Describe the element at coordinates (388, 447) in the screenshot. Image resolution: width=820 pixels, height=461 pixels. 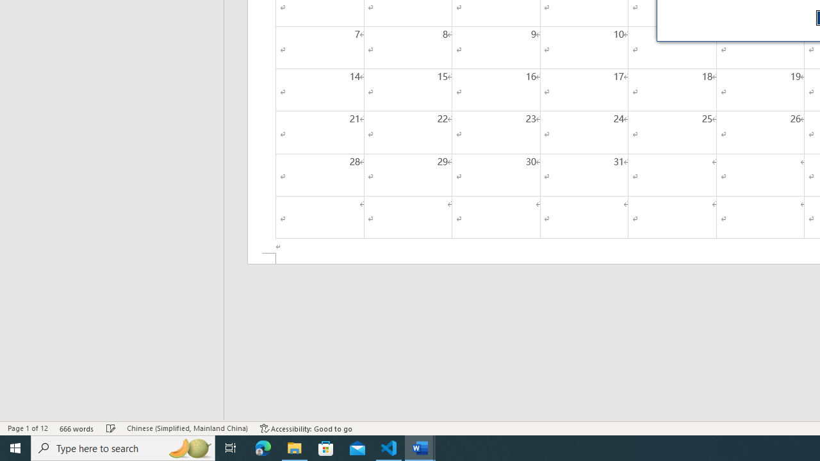
I see `'Visual Studio Code - 1 running window'` at that location.